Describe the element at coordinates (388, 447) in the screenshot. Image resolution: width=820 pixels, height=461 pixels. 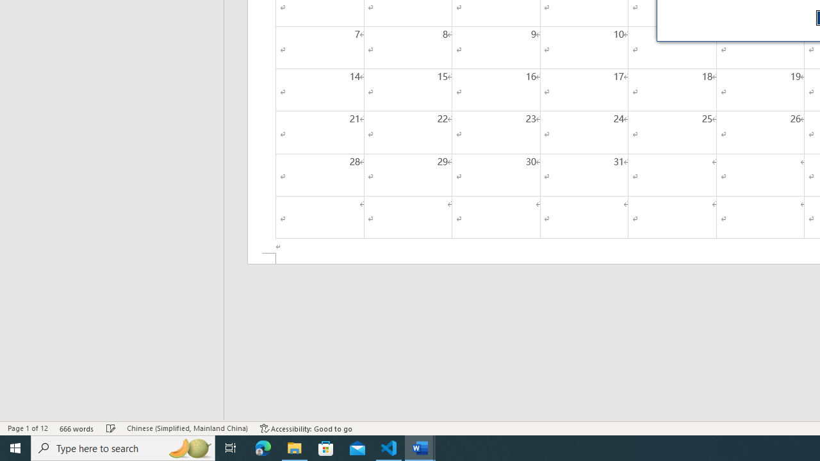
I see `'Visual Studio Code - 1 running window'` at that location.